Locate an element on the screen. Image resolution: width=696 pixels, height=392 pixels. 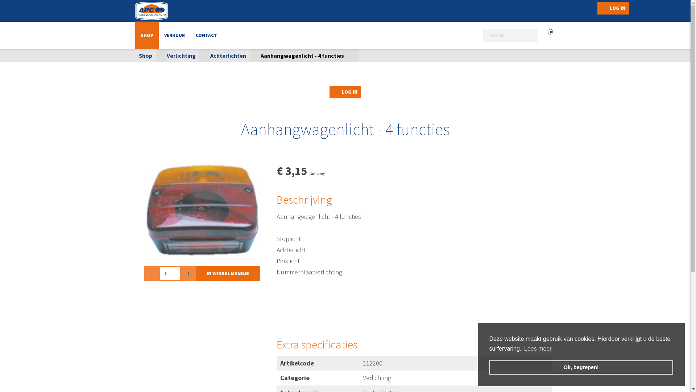
'LOG IN' is located at coordinates (613, 8).